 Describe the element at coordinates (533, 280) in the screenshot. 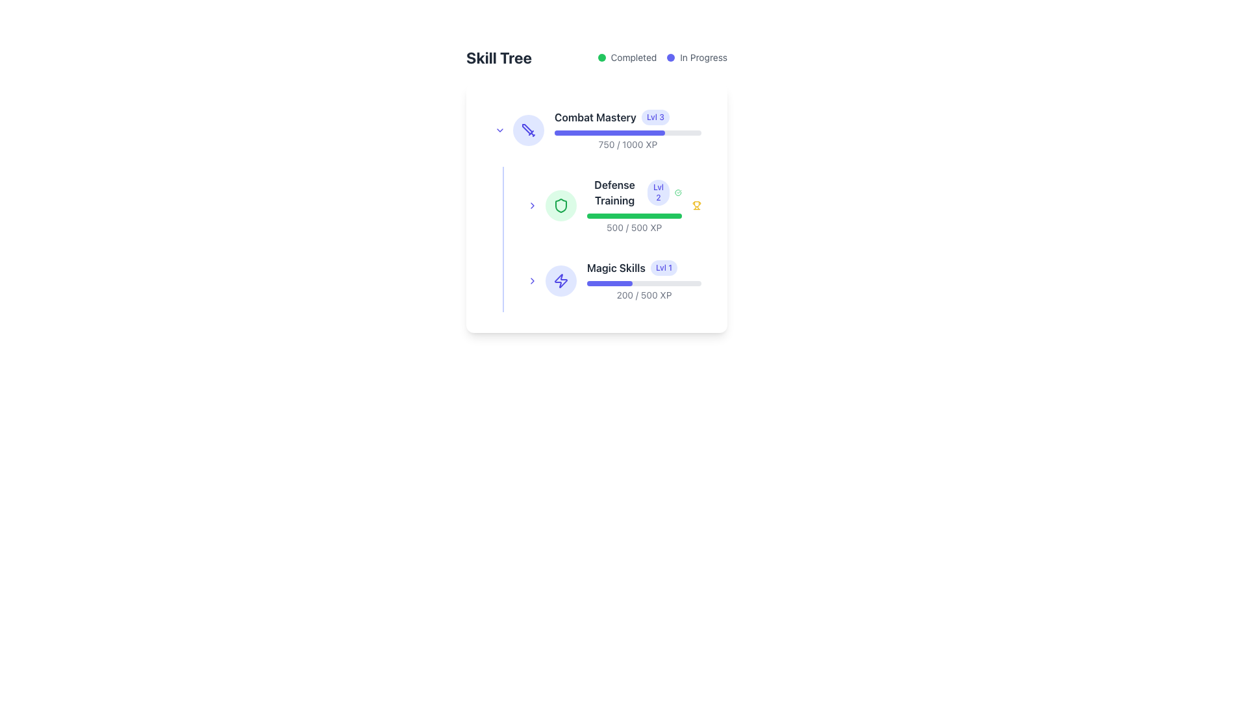

I see `the rightward pointing indigo chevron arrow icon` at that location.